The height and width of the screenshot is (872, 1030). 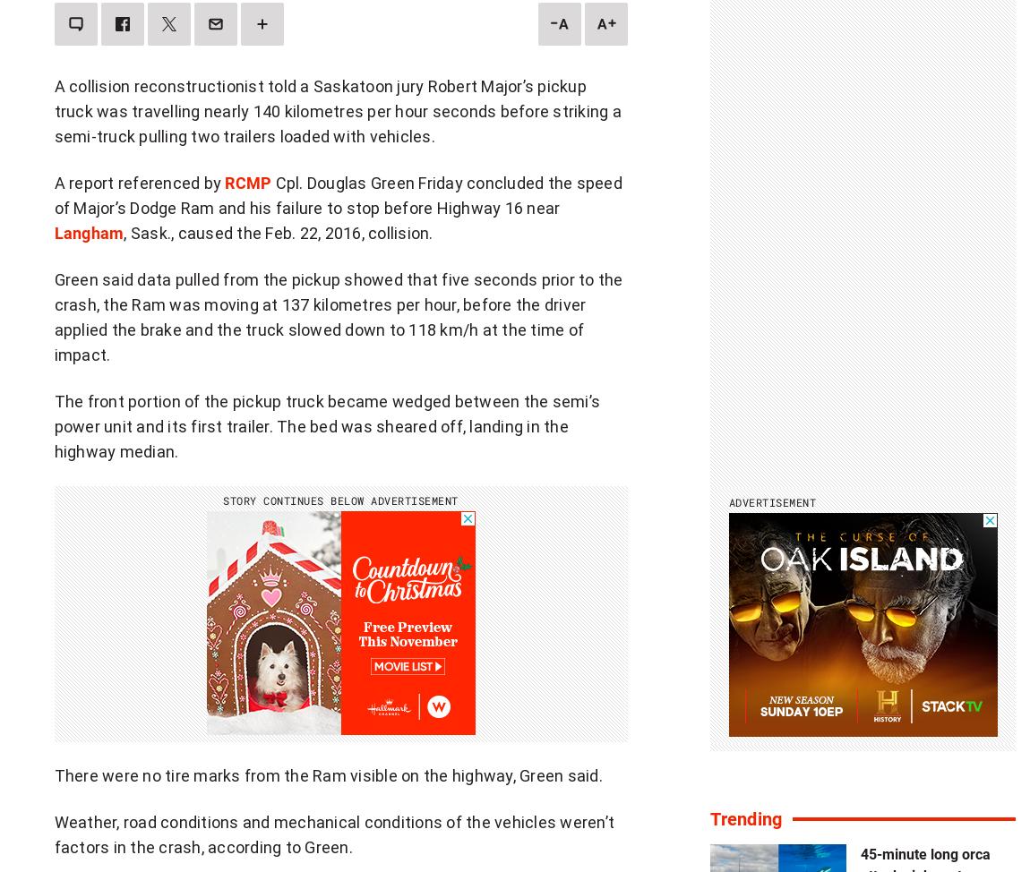 What do you see at coordinates (176, 474) in the screenshot?
I see `'Journalistic standards'` at bounding box center [176, 474].